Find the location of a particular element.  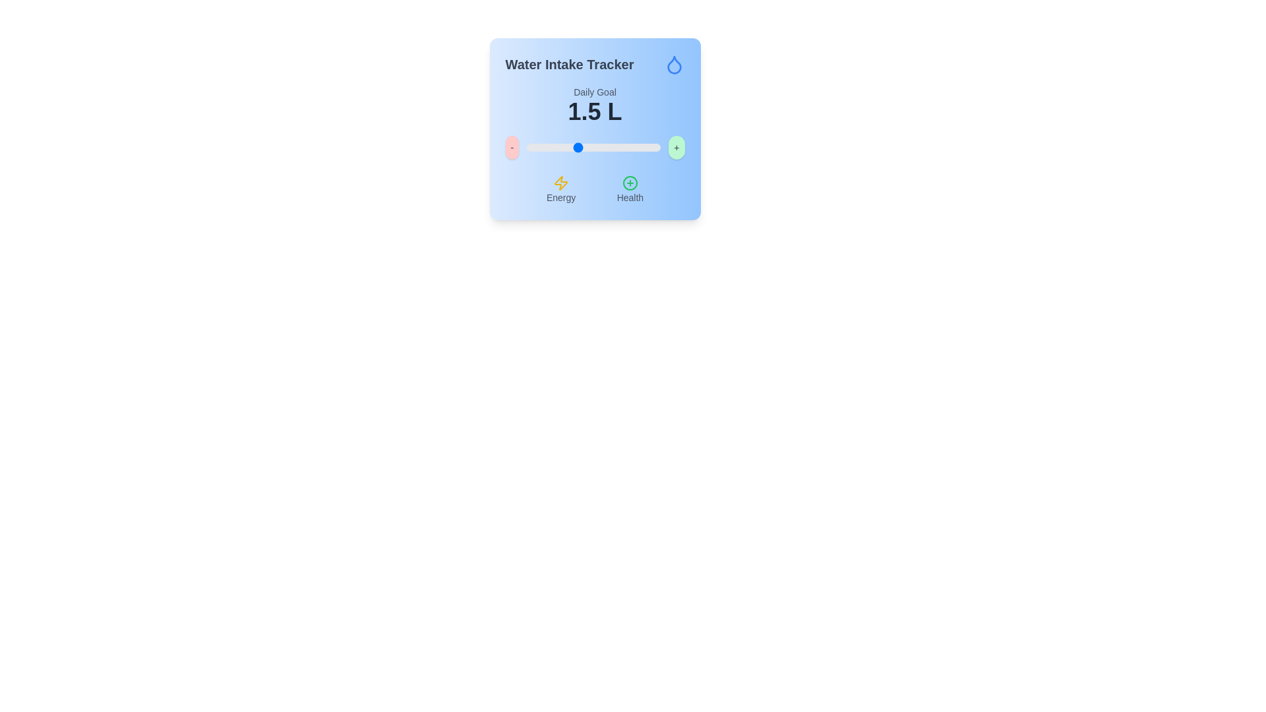

the 'Energy' text label, which is a small gray text positioned below a yellow lightning bolt icon and to the left of a 'Health' label is located at coordinates (561, 198).